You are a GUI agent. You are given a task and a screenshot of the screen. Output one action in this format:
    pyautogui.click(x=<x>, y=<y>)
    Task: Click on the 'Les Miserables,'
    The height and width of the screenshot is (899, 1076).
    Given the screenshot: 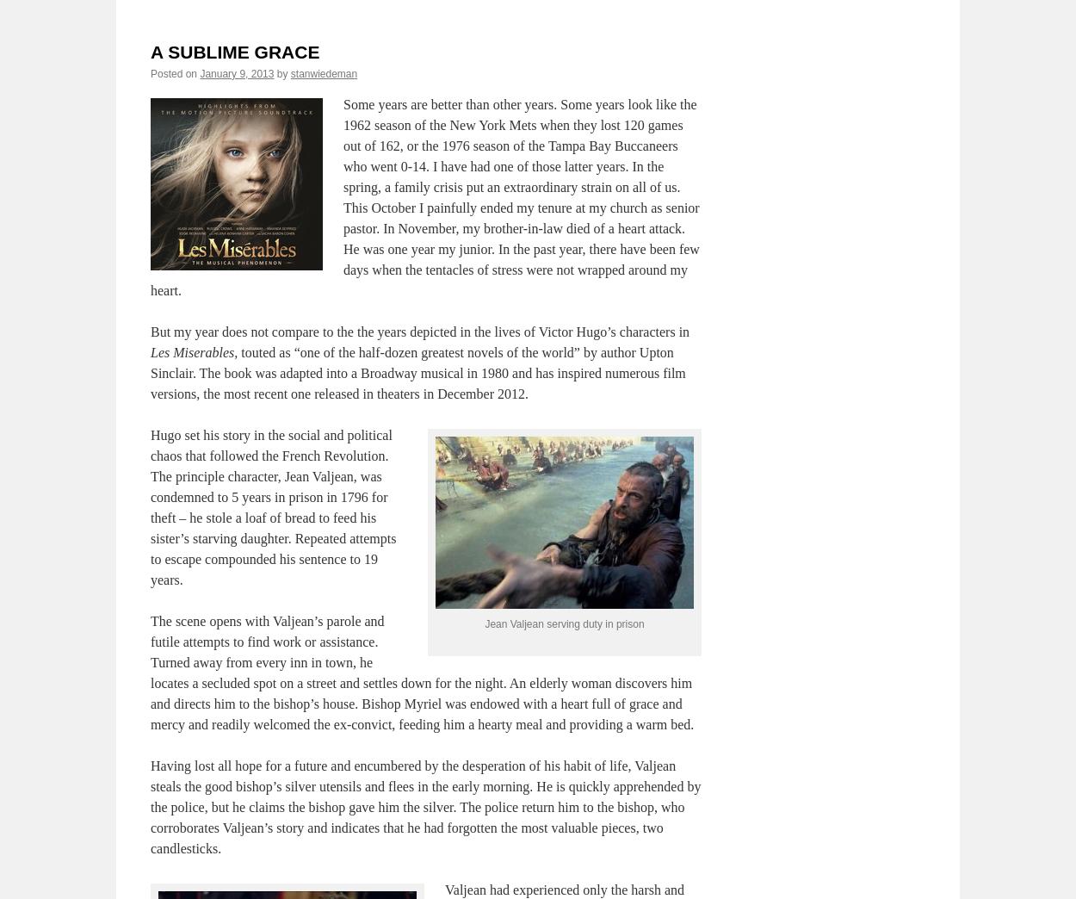 What is the action you would take?
    pyautogui.click(x=193, y=350)
    